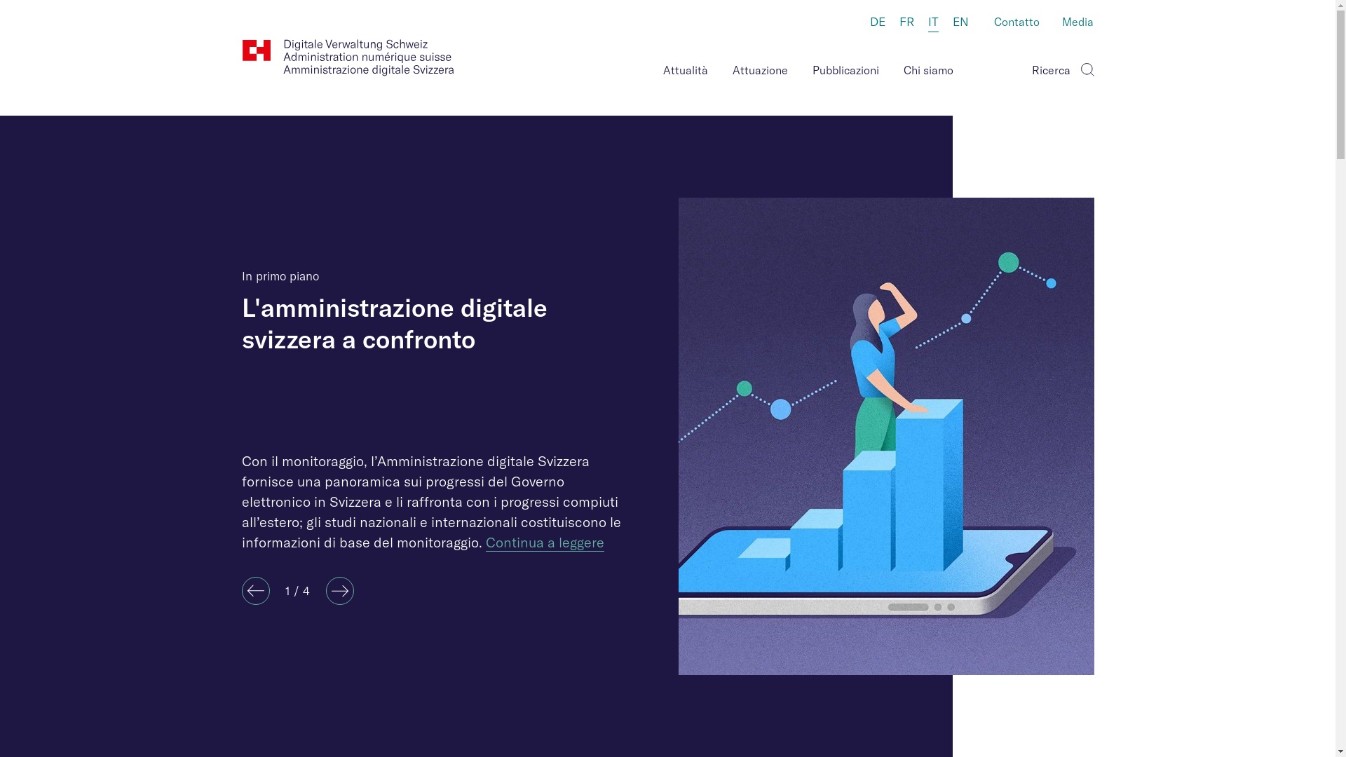 This screenshot has width=1346, height=757. Describe the element at coordinates (1085, 67) in the screenshot. I see `'Cerca'` at that location.